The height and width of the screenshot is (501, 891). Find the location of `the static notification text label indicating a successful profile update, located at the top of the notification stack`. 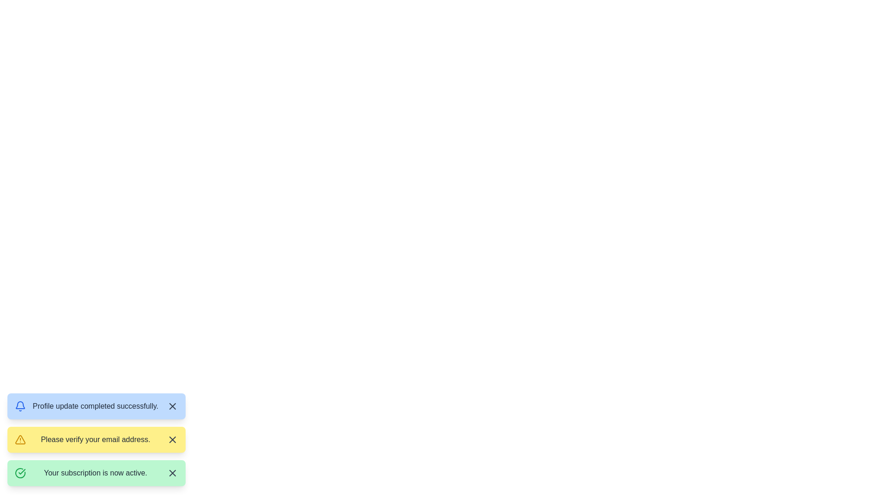

the static notification text label indicating a successful profile update, located at the top of the notification stack is located at coordinates (96, 405).